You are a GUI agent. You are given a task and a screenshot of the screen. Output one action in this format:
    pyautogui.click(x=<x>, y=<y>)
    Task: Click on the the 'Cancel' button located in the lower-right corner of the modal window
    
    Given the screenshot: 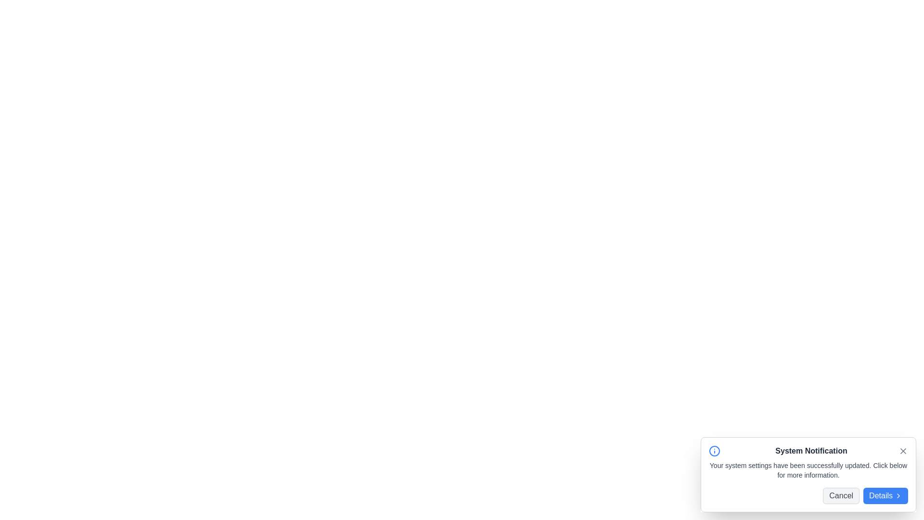 What is the action you would take?
    pyautogui.click(x=841, y=495)
    